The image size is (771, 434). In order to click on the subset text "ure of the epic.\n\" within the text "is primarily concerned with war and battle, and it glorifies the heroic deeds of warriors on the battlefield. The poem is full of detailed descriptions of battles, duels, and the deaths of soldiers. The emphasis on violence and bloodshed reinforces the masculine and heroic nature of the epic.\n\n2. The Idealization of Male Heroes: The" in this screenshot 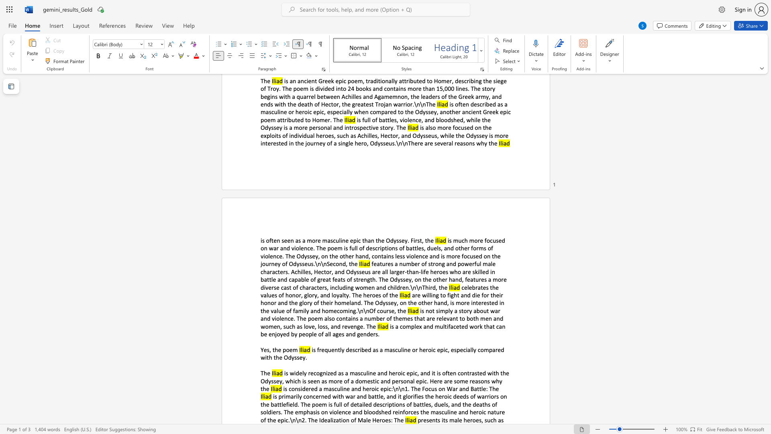, I will do `click(496, 412)`.